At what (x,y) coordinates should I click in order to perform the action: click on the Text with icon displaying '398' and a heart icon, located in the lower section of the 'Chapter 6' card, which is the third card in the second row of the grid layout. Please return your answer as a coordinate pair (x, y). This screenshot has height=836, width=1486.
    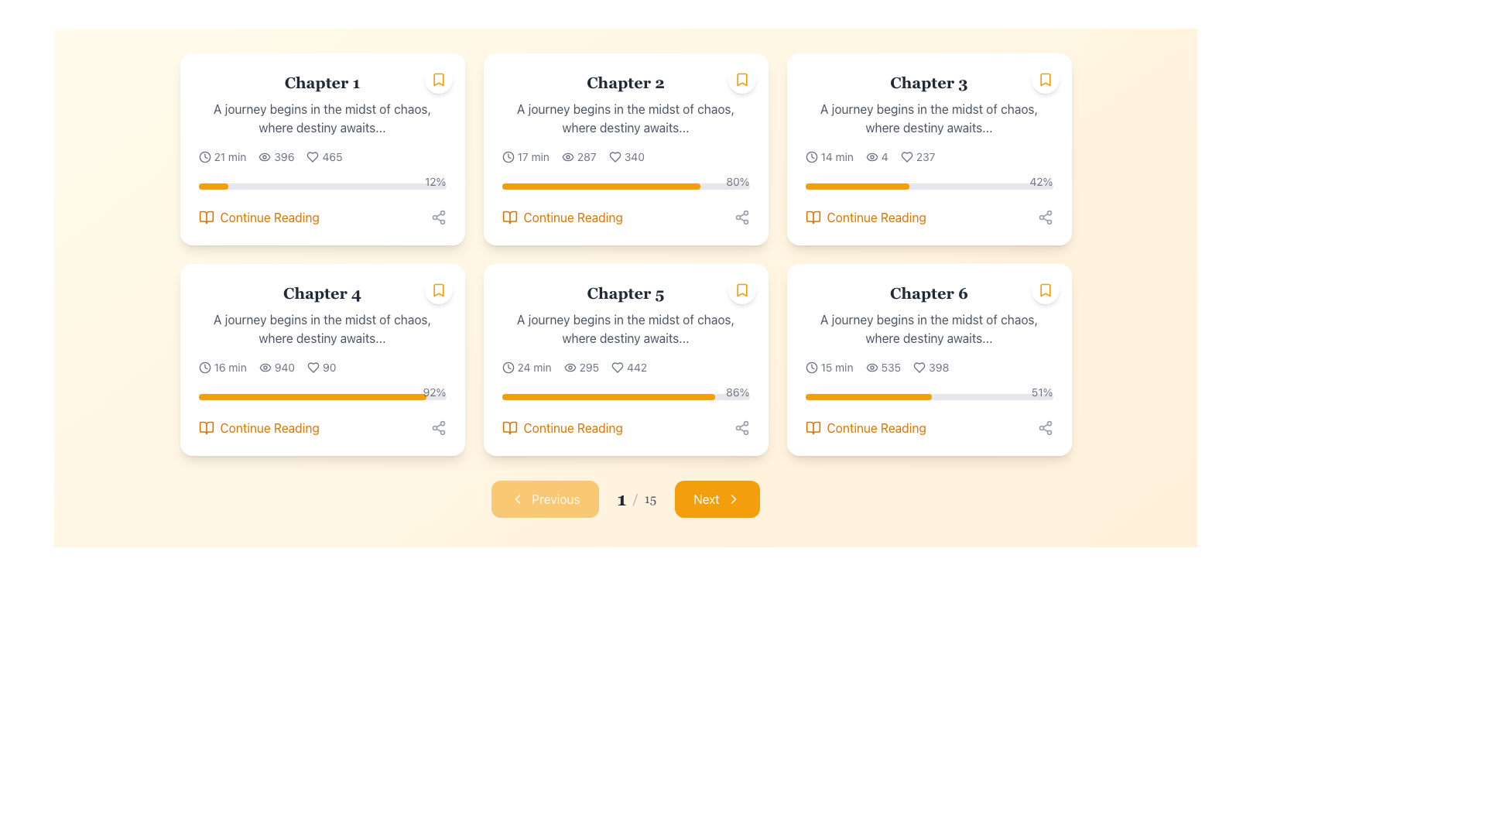
    Looking at the image, I should click on (930, 367).